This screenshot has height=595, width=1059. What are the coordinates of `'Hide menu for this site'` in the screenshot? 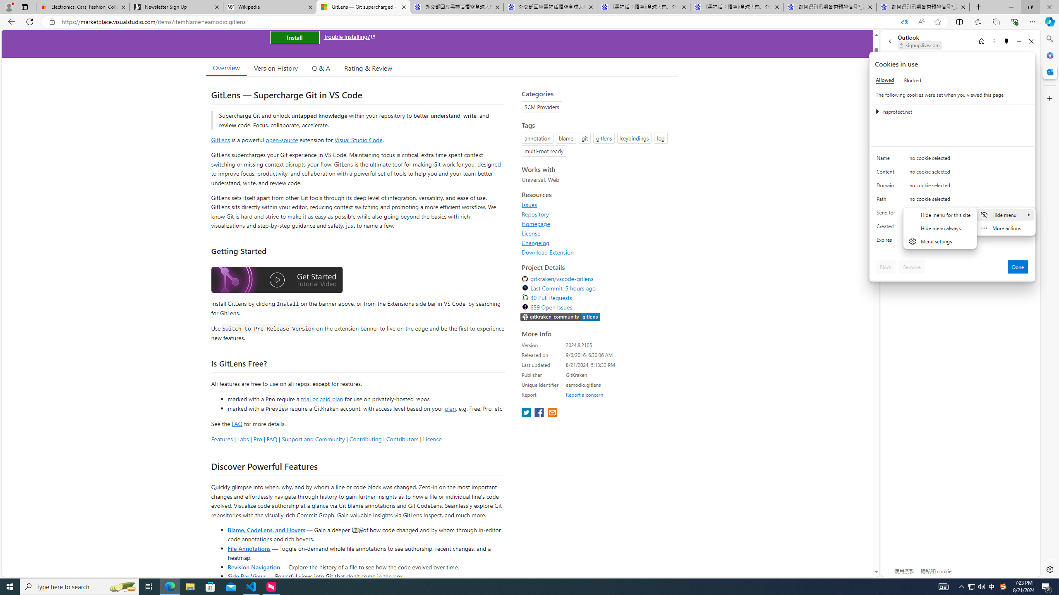 It's located at (939, 214).